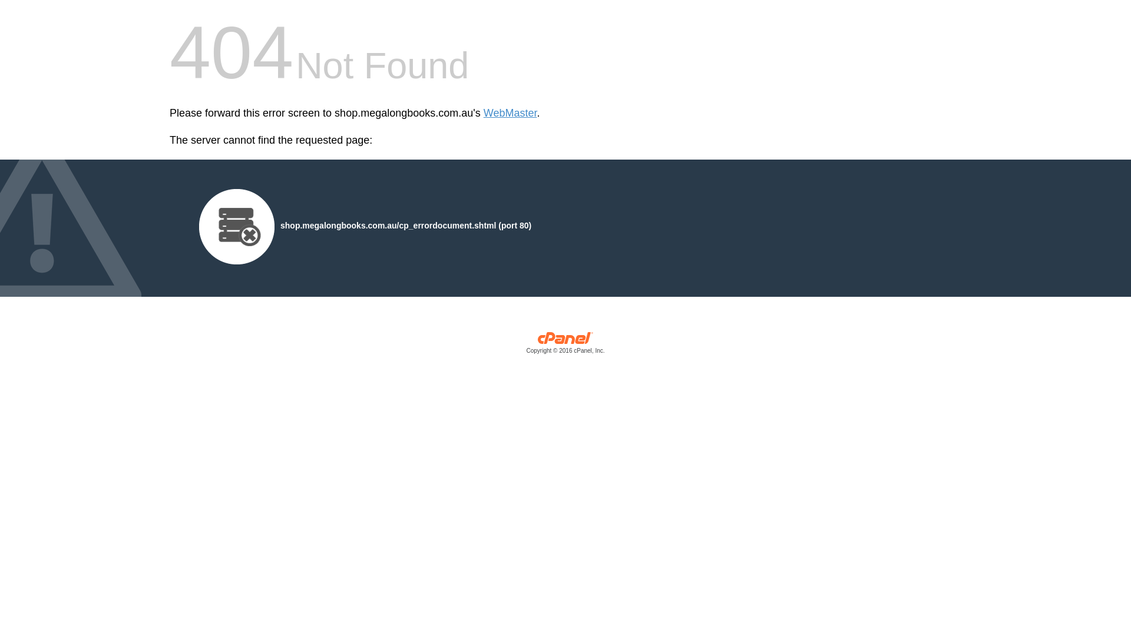 The width and height of the screenshot is (1131, 636). I want to click on 'WebMaster', so click(510, 113).